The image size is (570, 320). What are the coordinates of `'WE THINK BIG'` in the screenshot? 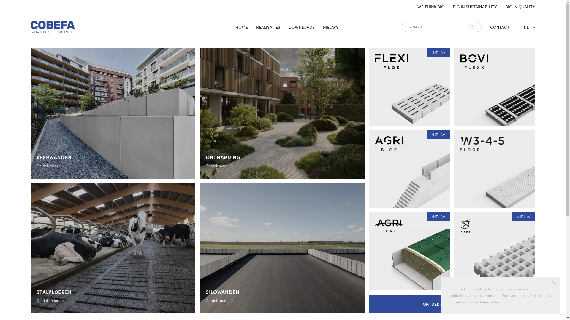 It's located at (417, 7).